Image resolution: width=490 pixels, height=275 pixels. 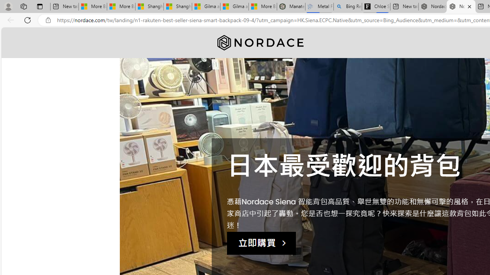 What do you see at coordinates (28, 19) in the screenshot?
I see `'Refresh'` at bounding box center [28, 19].